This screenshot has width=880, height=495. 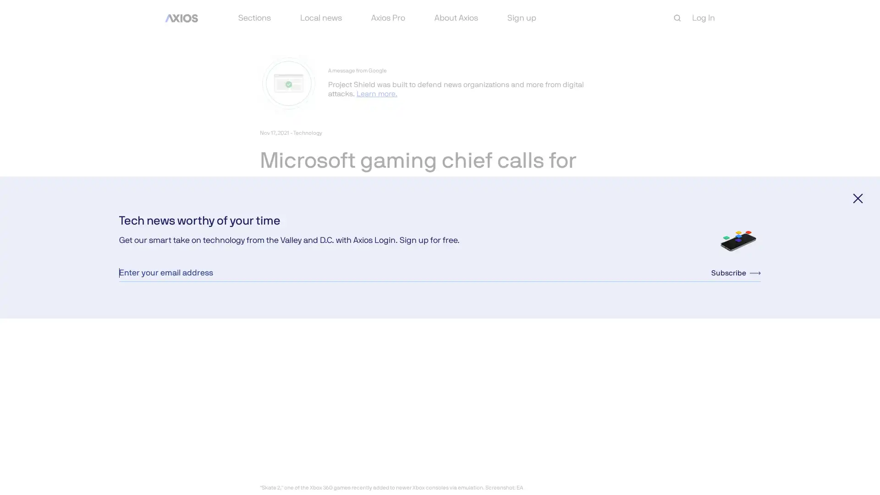 What do you see at coordinates (858, 198) in the screenshot?
I see `close` at bounding box center [858, 198].